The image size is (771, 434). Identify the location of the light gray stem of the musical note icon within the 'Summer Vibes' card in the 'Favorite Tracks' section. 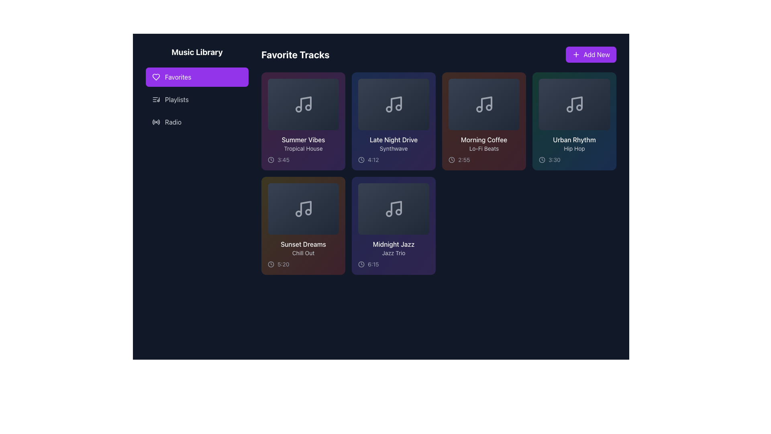
(305, 103).